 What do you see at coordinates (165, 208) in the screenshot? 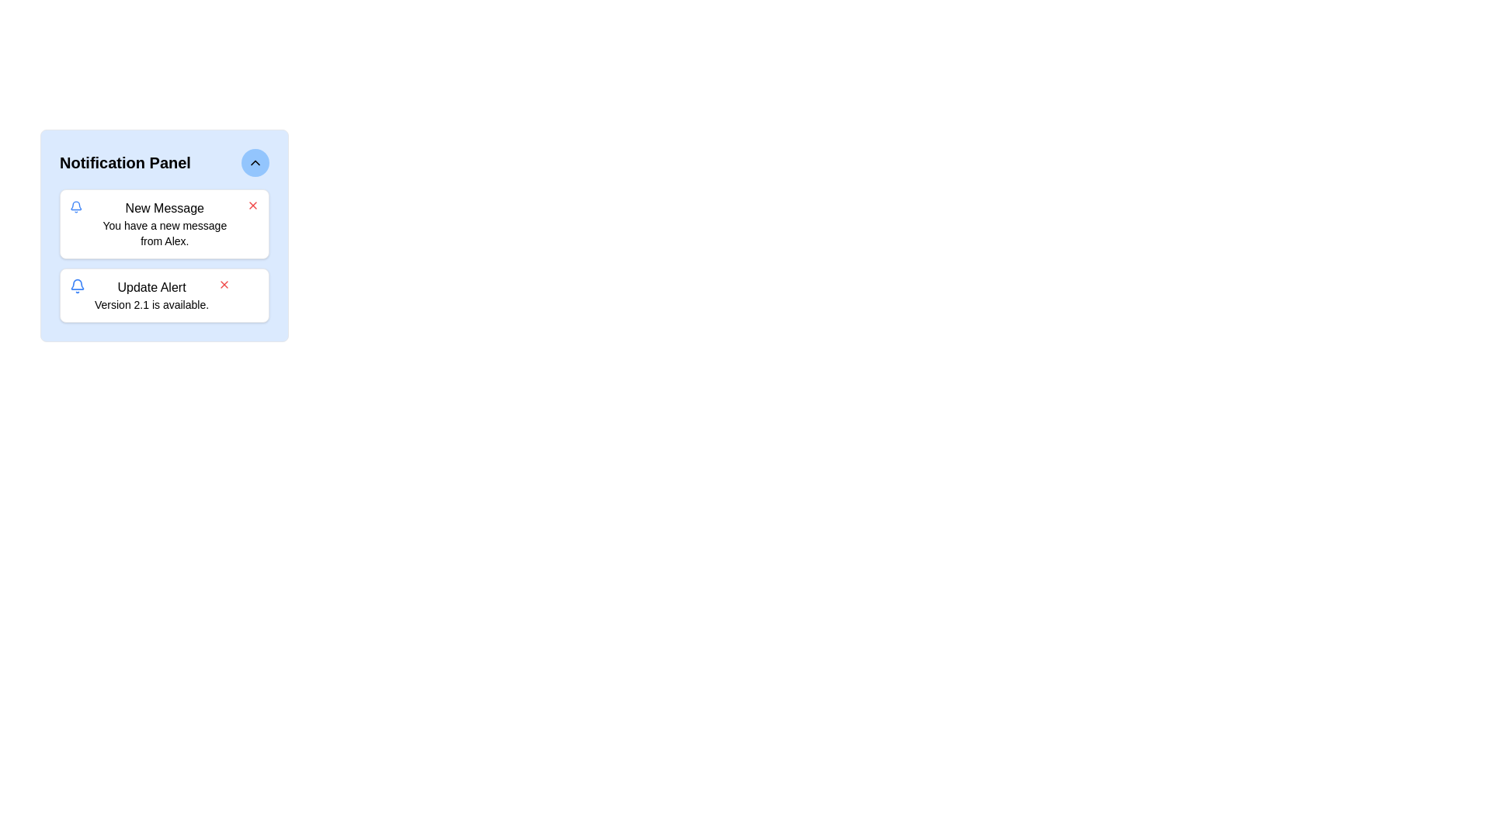
I see `bold text label 'New Message' located at the top of the first notification item in the notification panel` at bounding box center [165, 208].